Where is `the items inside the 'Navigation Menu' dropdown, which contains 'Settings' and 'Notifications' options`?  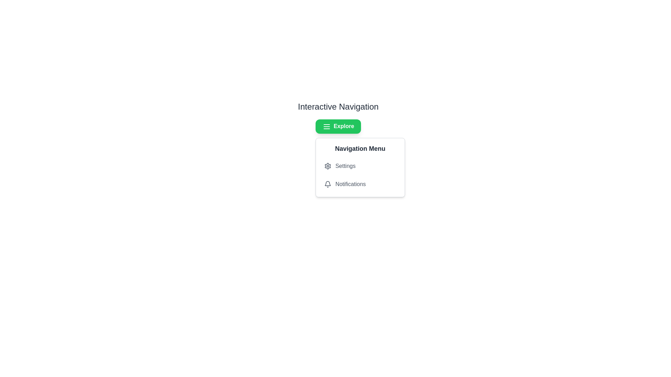
the items inside the 'Navigation Menu' dropdown, which contains 'Settings' and 'Notifications' options is located at coordinates (360, 167).